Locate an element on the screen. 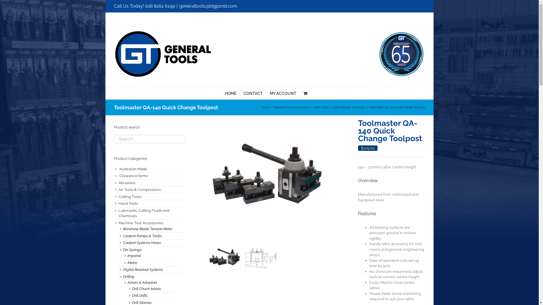 The height and width of the screenshot is (305, 543). 'Air Tools & Compressors' is located at coordinates (139, 189).